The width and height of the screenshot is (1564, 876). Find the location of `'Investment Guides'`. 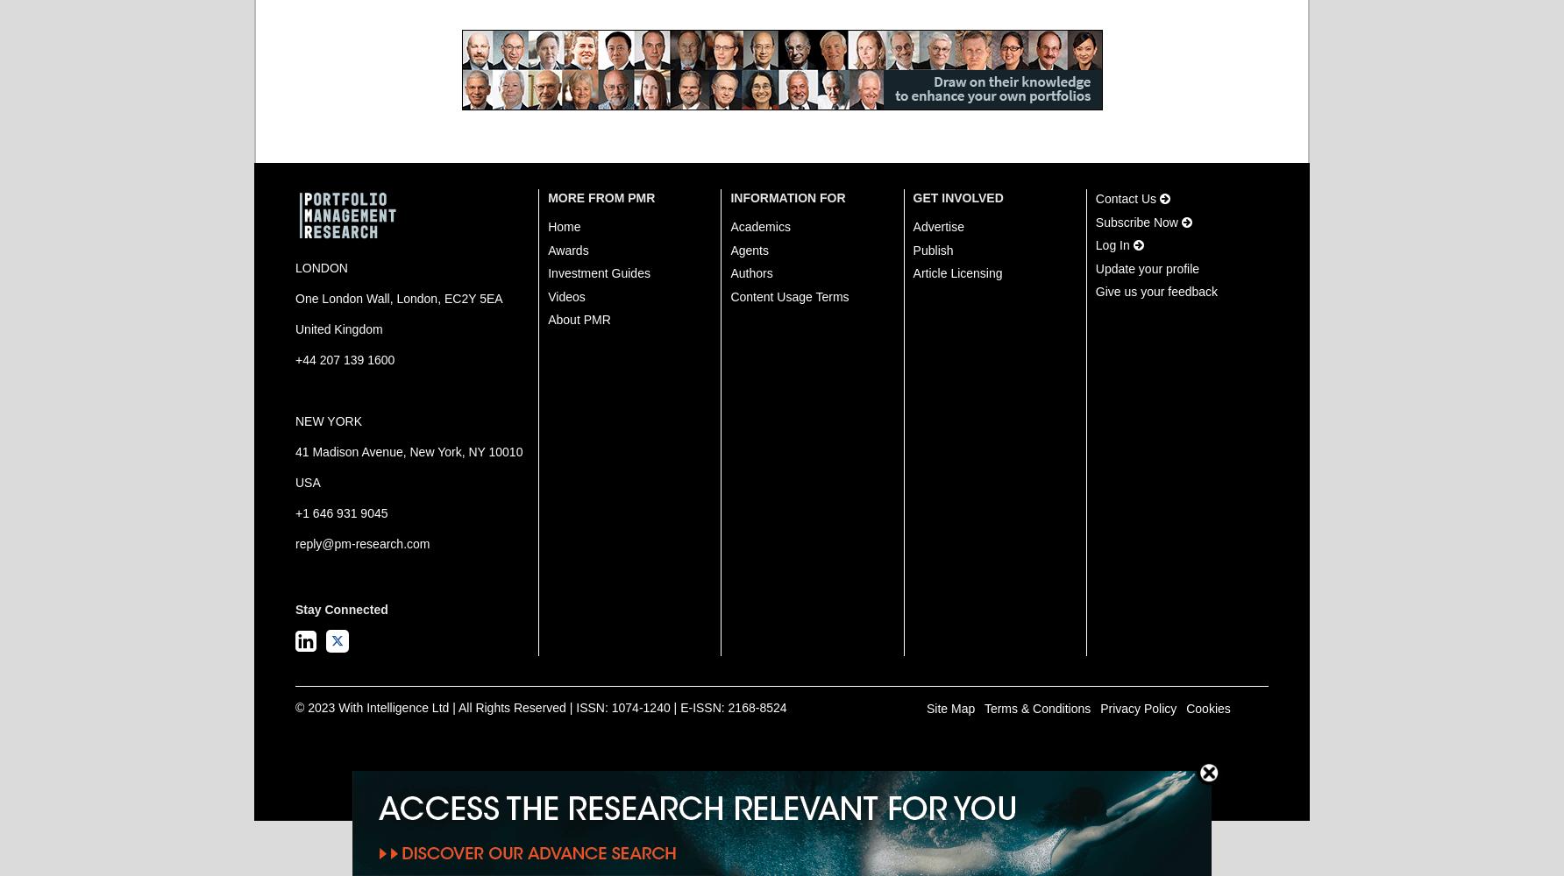

'Investment Guides' is located at coordinates (598, 273).